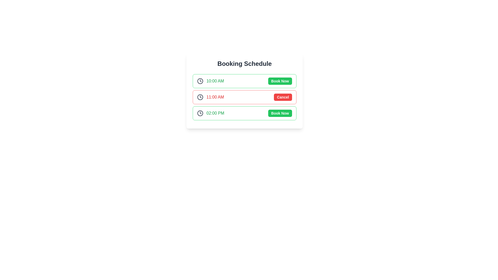 The image size is (498, 280). Describe the element at coordinates (244, 113) in the screenshot. I see `the interactive appointment slot for '02:00 PM'` at that location.